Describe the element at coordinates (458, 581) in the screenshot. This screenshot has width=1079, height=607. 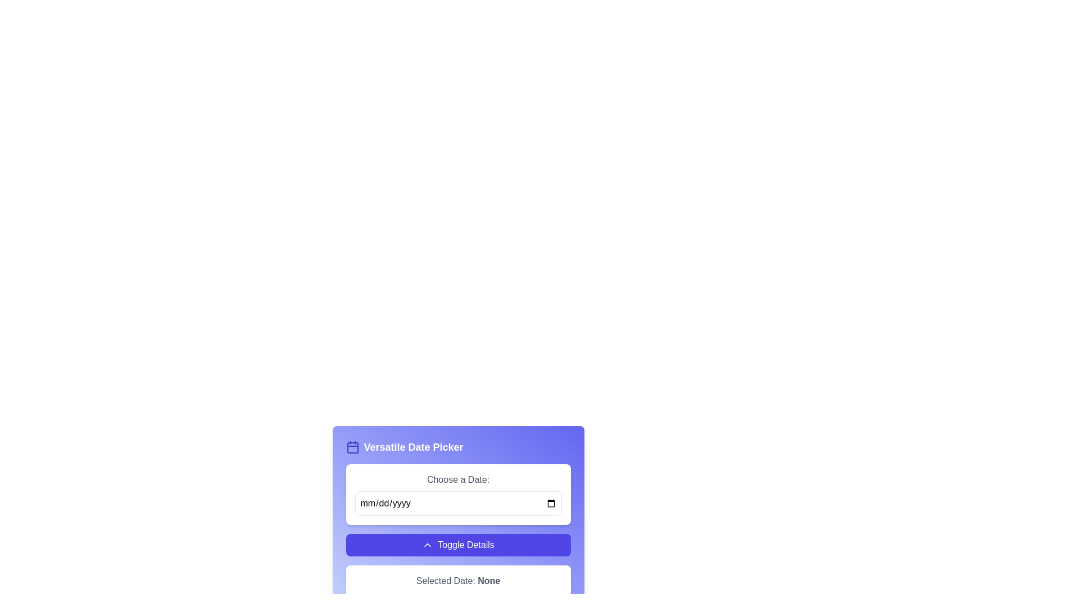
I see `displayed text from the Information label that shows 'Selected Date: None.' which is located below the 'Toggle Details' button` at that location.